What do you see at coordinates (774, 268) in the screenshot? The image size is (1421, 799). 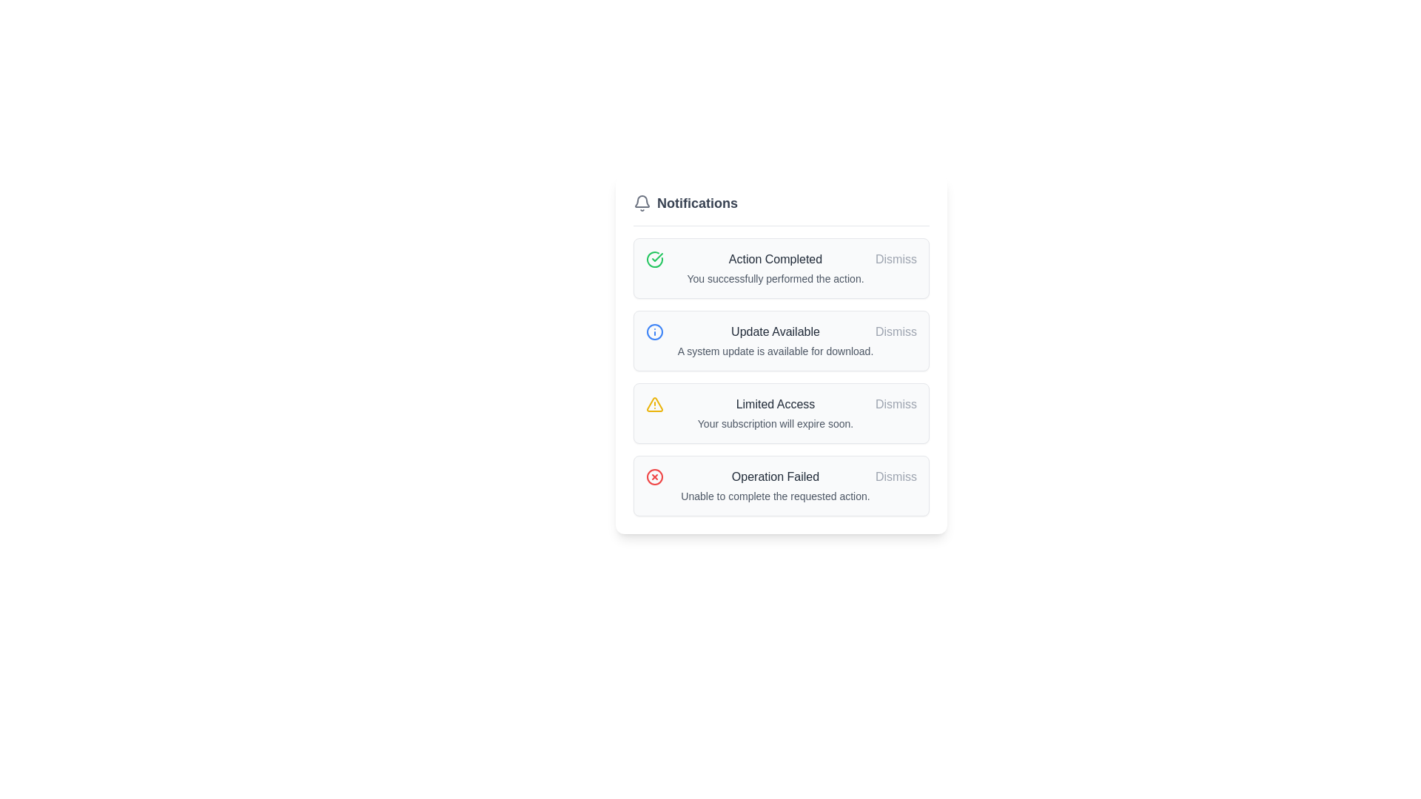 I see `the success message display field located below the green checkmark icon and to the left of the 'Dismiss' button in the first notification entry` at bounding box center [774, 268].